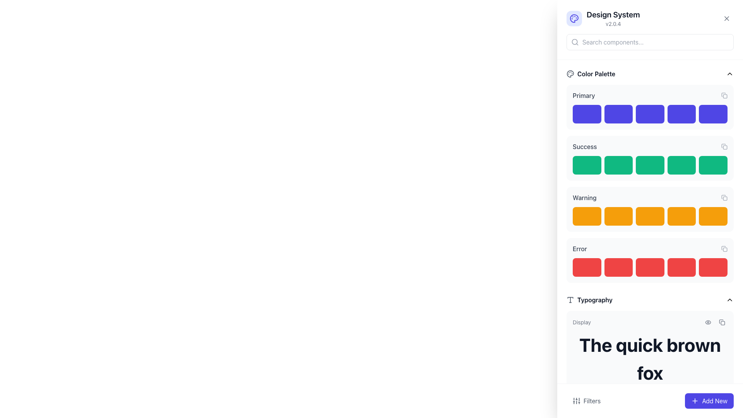  What do you see at coordinates (722, 322) in the screenshot?
I see `the 'Copy' icon button located in the 'Typography' section` at bounding box center [722, 322].